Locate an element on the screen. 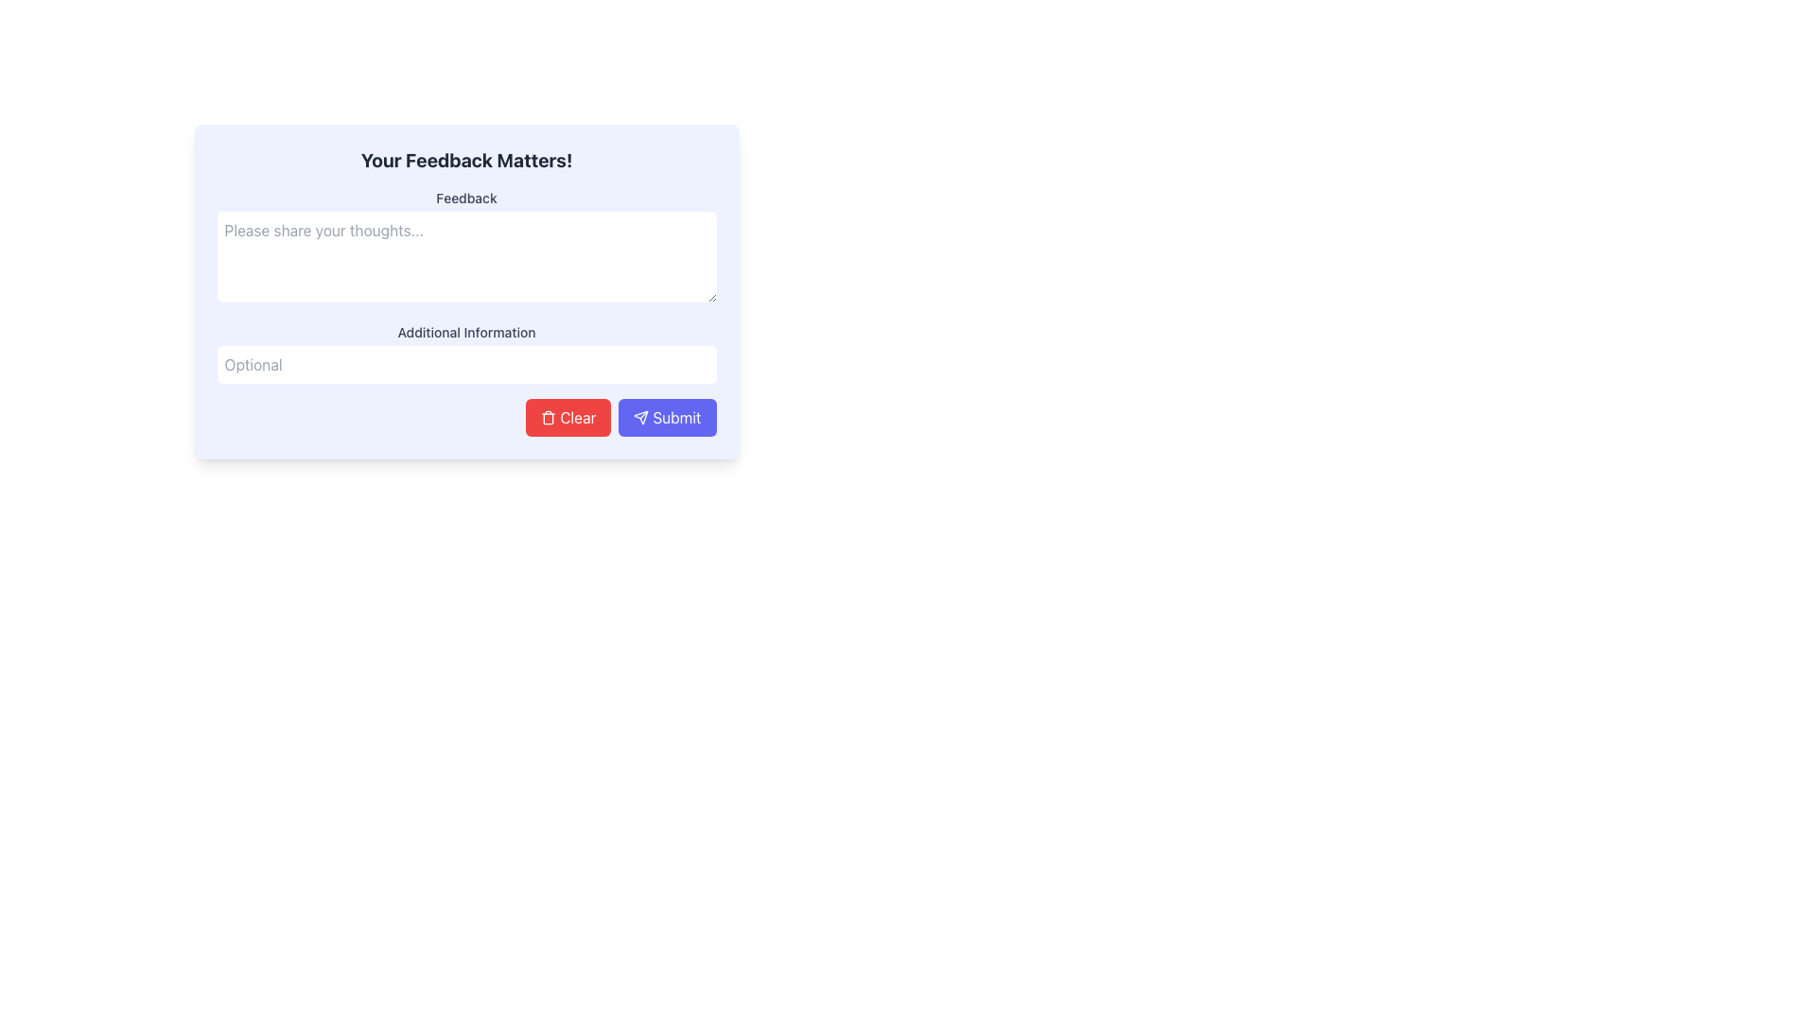 This screenshot has width=1816, height=1021. the 'Clear' button which has white text on a red background, located below the text input fields in the feedback section is located at coordinates (577, 417).